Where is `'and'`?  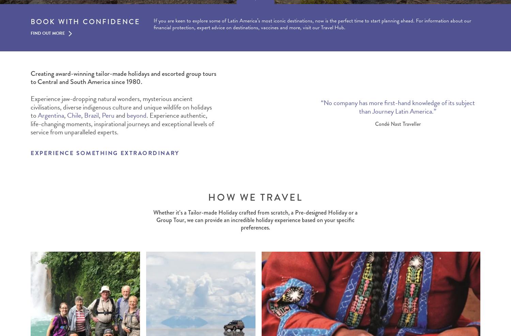 'and' is located at coordinates (114, 115).